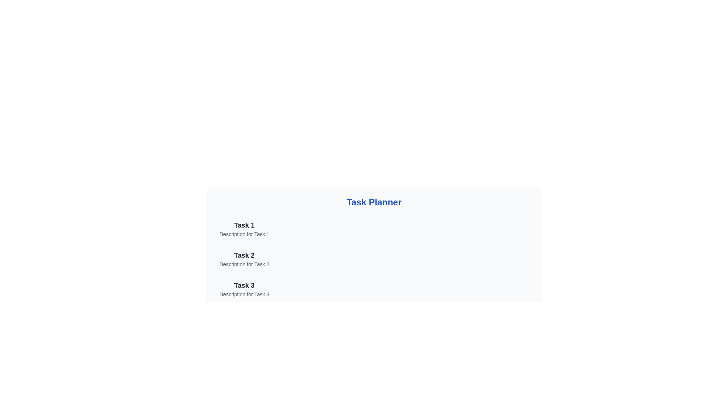 The height and width of the screenshot is (401, 714). I want to click on the text label providing additional details related to 'Task 2', which is centrally aligned below the 'Task 2' text, so click(244, 264).